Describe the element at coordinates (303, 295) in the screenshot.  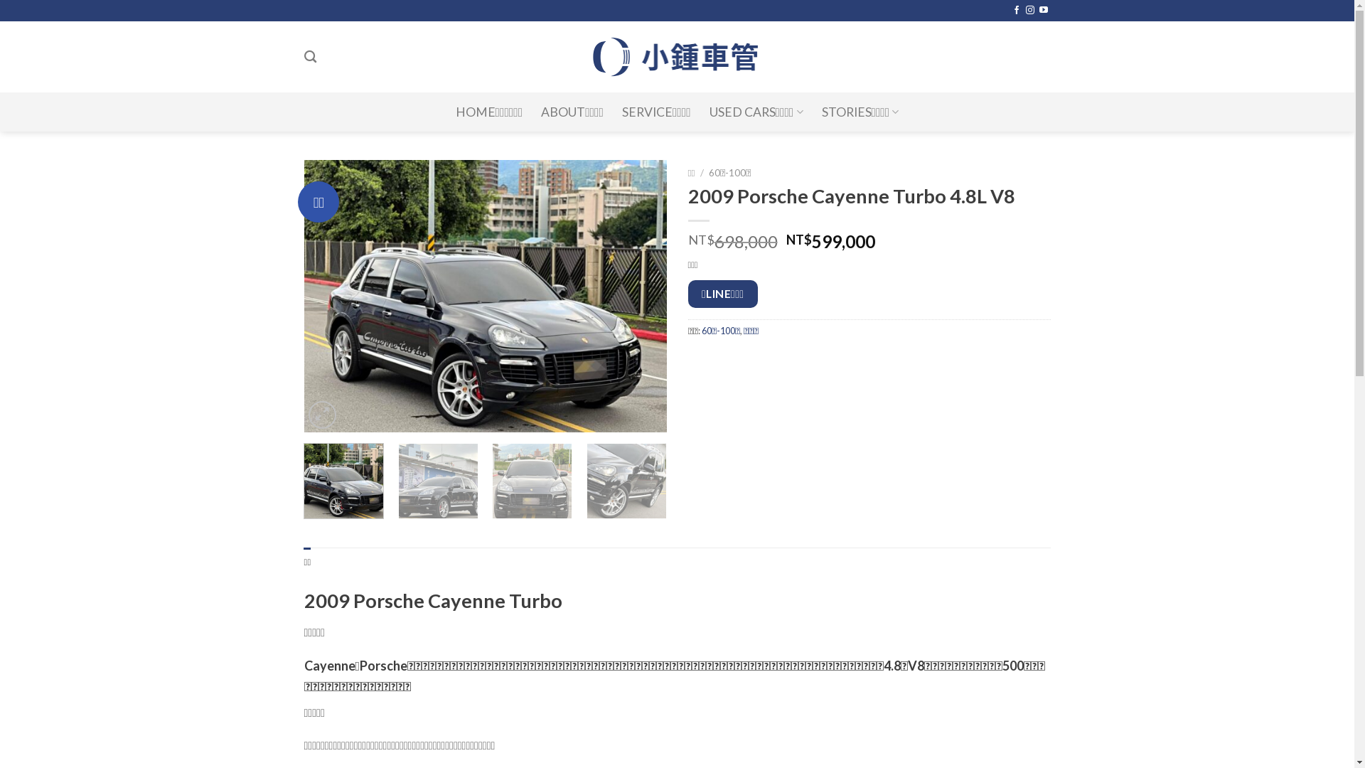
I see `'LINE_ALBUM_220427_18'` at that location.